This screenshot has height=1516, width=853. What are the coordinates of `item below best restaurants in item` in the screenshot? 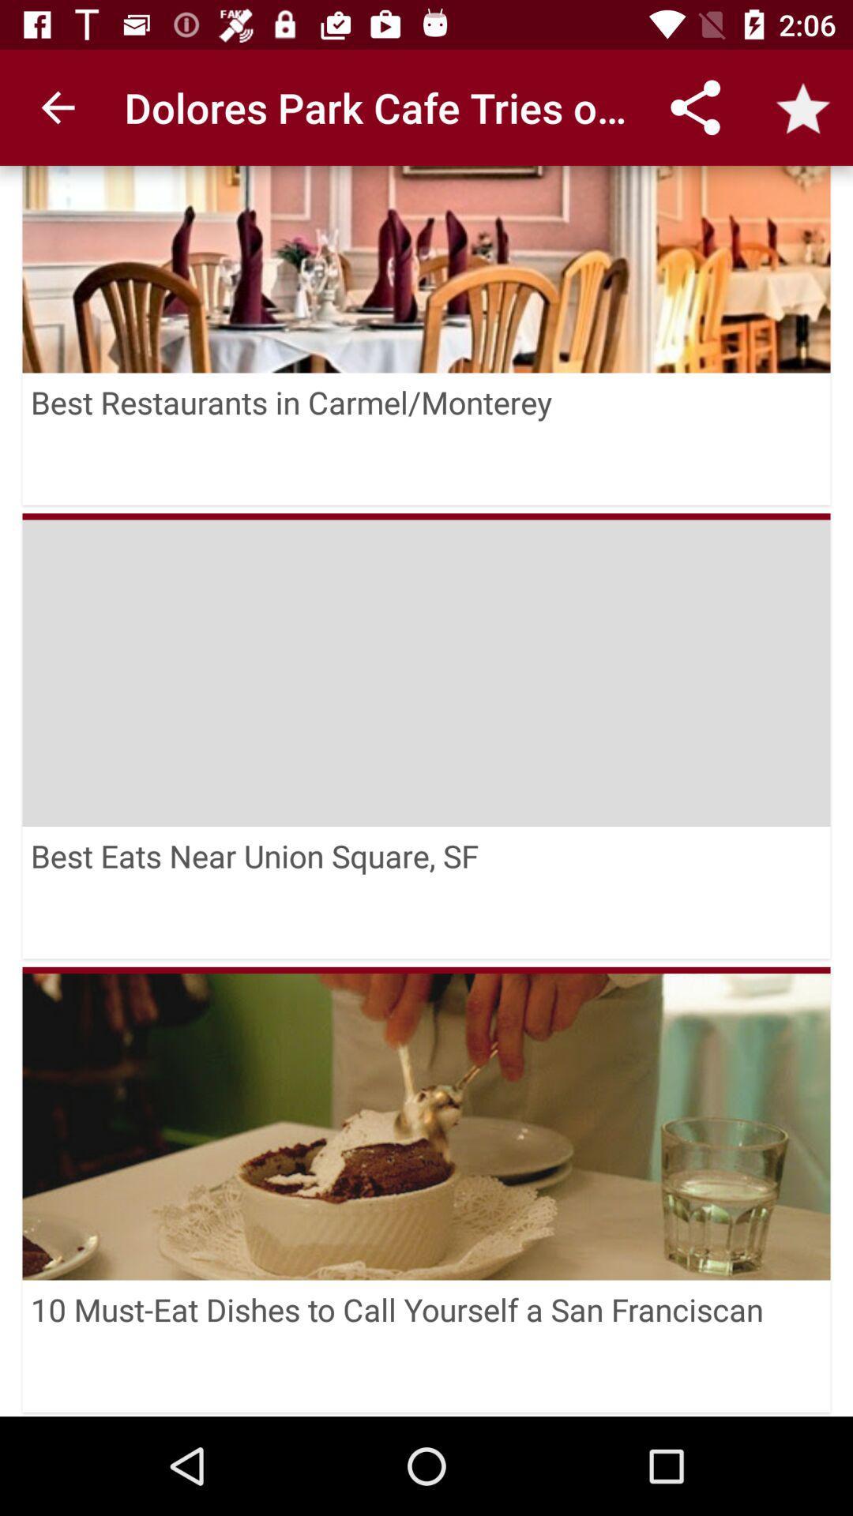 It's located at (426, 516).